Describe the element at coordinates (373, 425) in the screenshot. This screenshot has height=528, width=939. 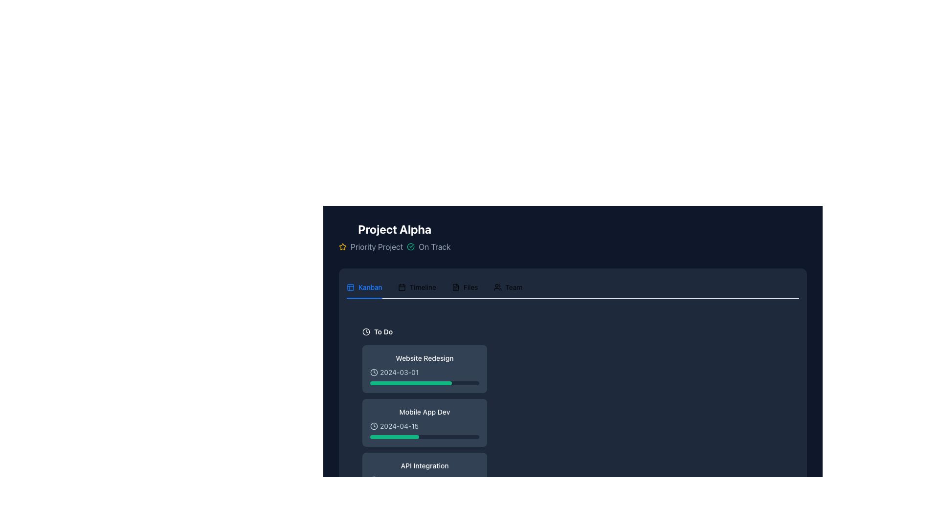
I see `the graphical indicator (circle within an SVG) representing time-related information for the task 'Mobile App Dev' in the 'To Do' section of the Kanban tab` at that location.